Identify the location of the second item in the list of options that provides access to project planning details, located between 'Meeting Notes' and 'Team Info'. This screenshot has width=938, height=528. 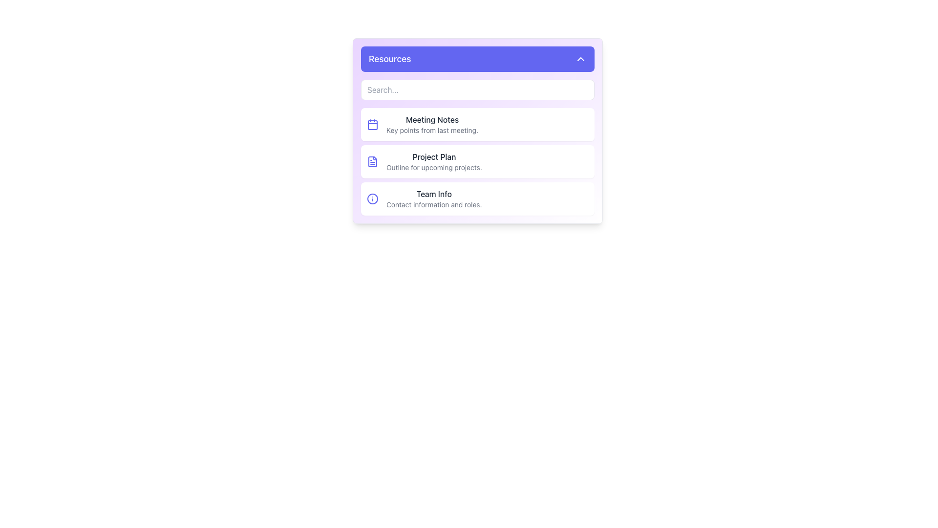
(478, 161).